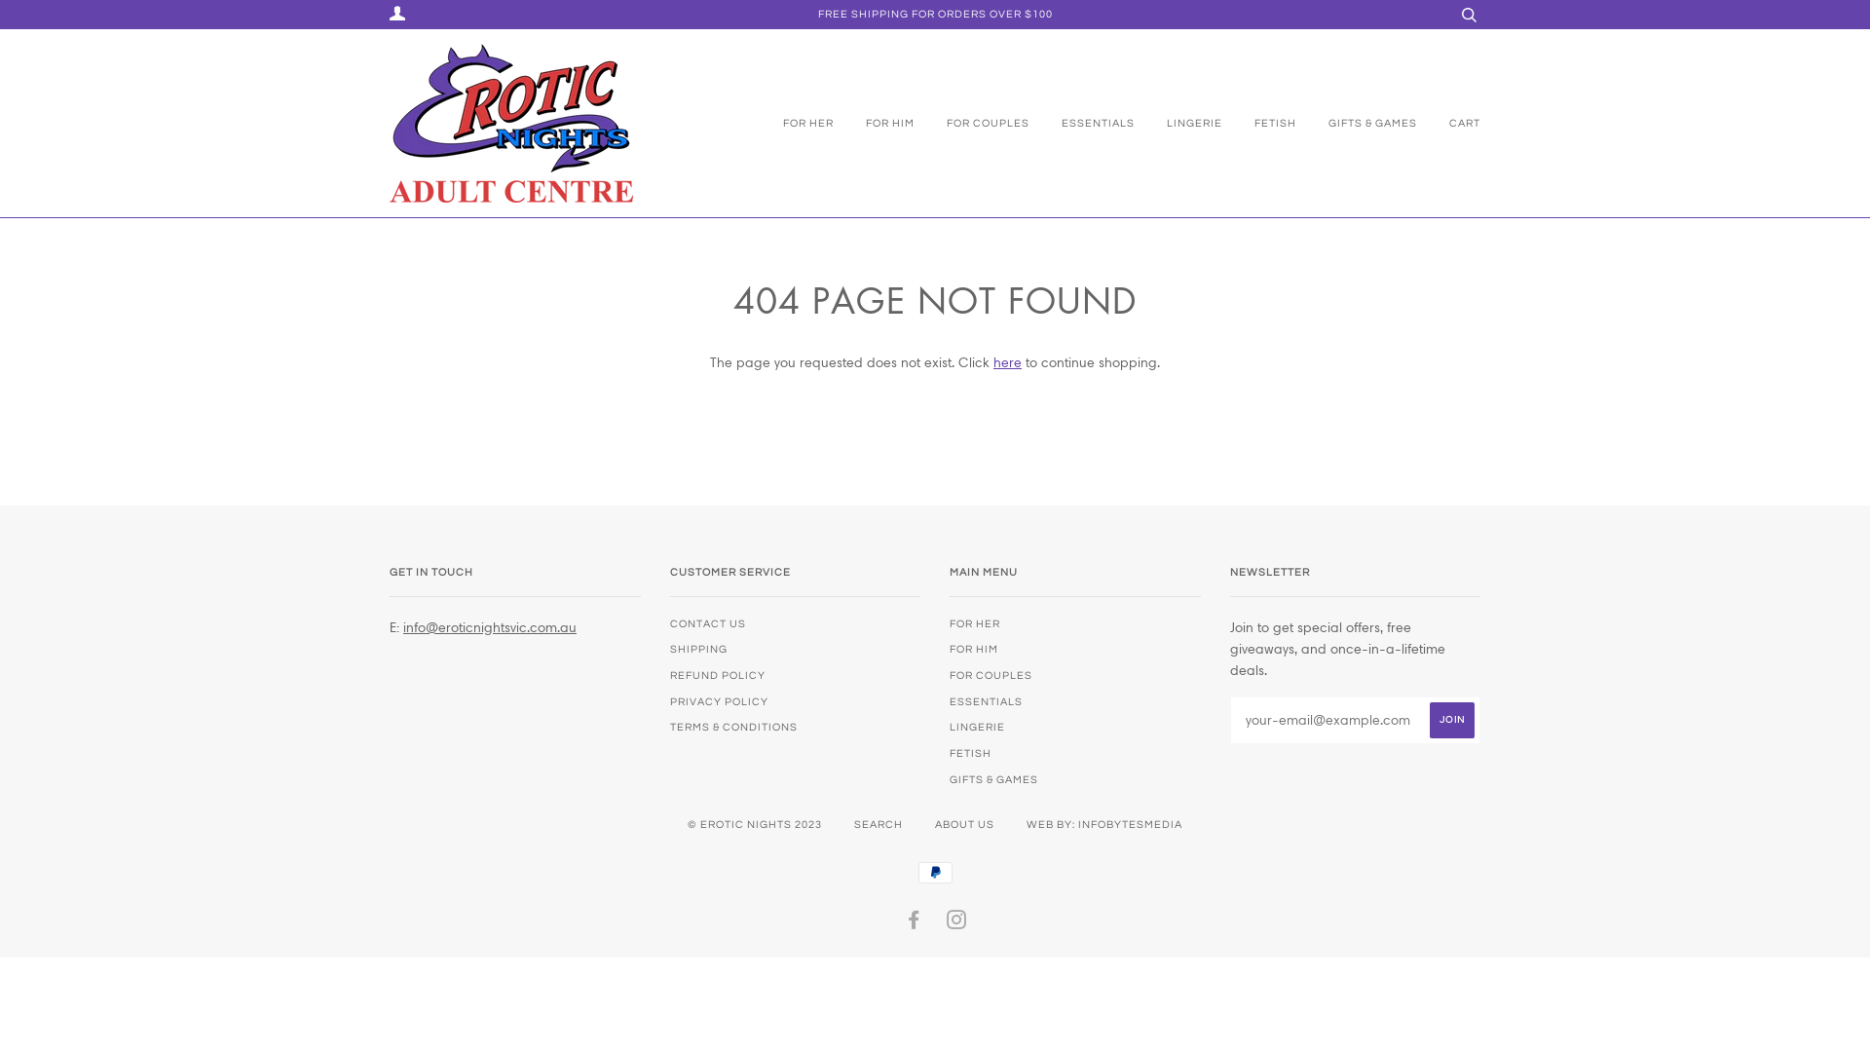  Describe the element at coordinates (1007, 361) in the screenshot. I see `'here'` at that location.